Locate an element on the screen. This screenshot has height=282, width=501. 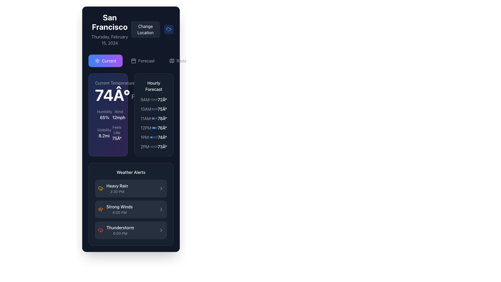
the static text display element that shows 'Thunderstorm' with the time '6:00 PM' in a bold white font, located at the bottom of the 'Weather Alerts' list is located at coordinates (120, 230).